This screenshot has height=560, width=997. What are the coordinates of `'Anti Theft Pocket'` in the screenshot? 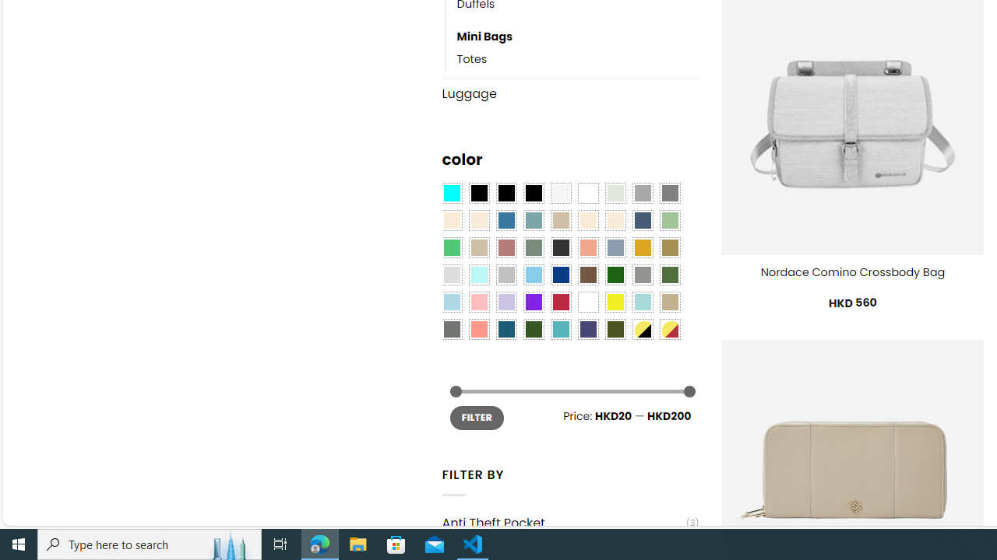 It's located at (562, 523).